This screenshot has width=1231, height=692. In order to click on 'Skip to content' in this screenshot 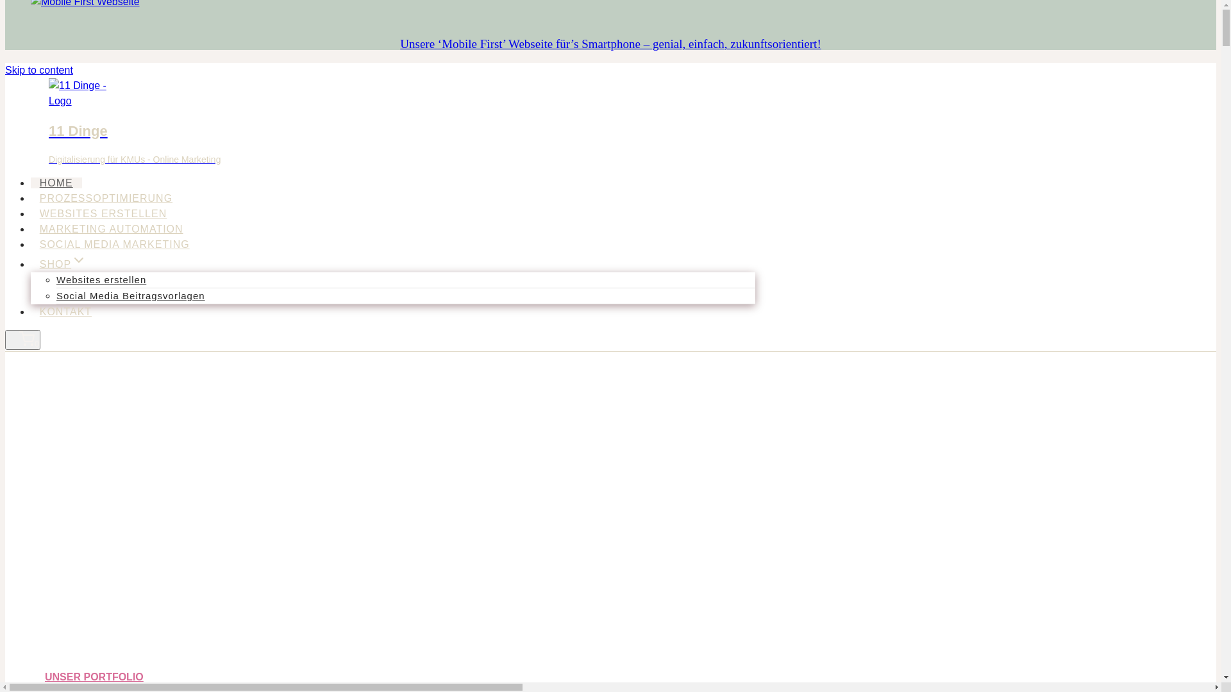, I will do `click(39, 70)`.